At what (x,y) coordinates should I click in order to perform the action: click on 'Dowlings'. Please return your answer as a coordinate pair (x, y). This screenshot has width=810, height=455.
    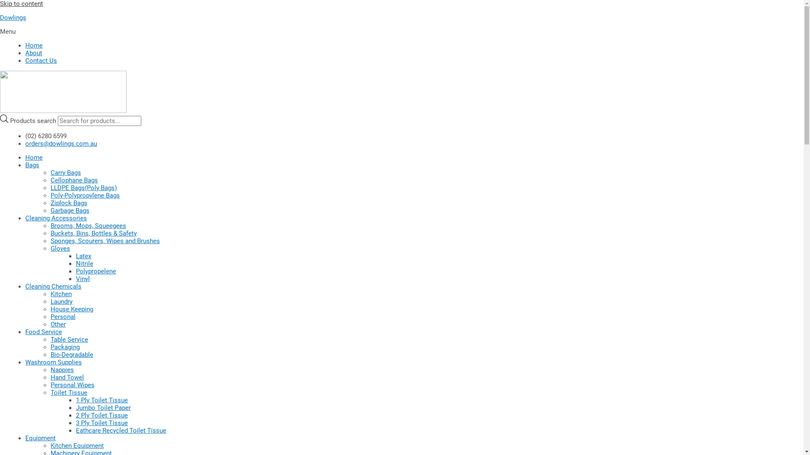
    Looking at the image, I should click on (13, 18).